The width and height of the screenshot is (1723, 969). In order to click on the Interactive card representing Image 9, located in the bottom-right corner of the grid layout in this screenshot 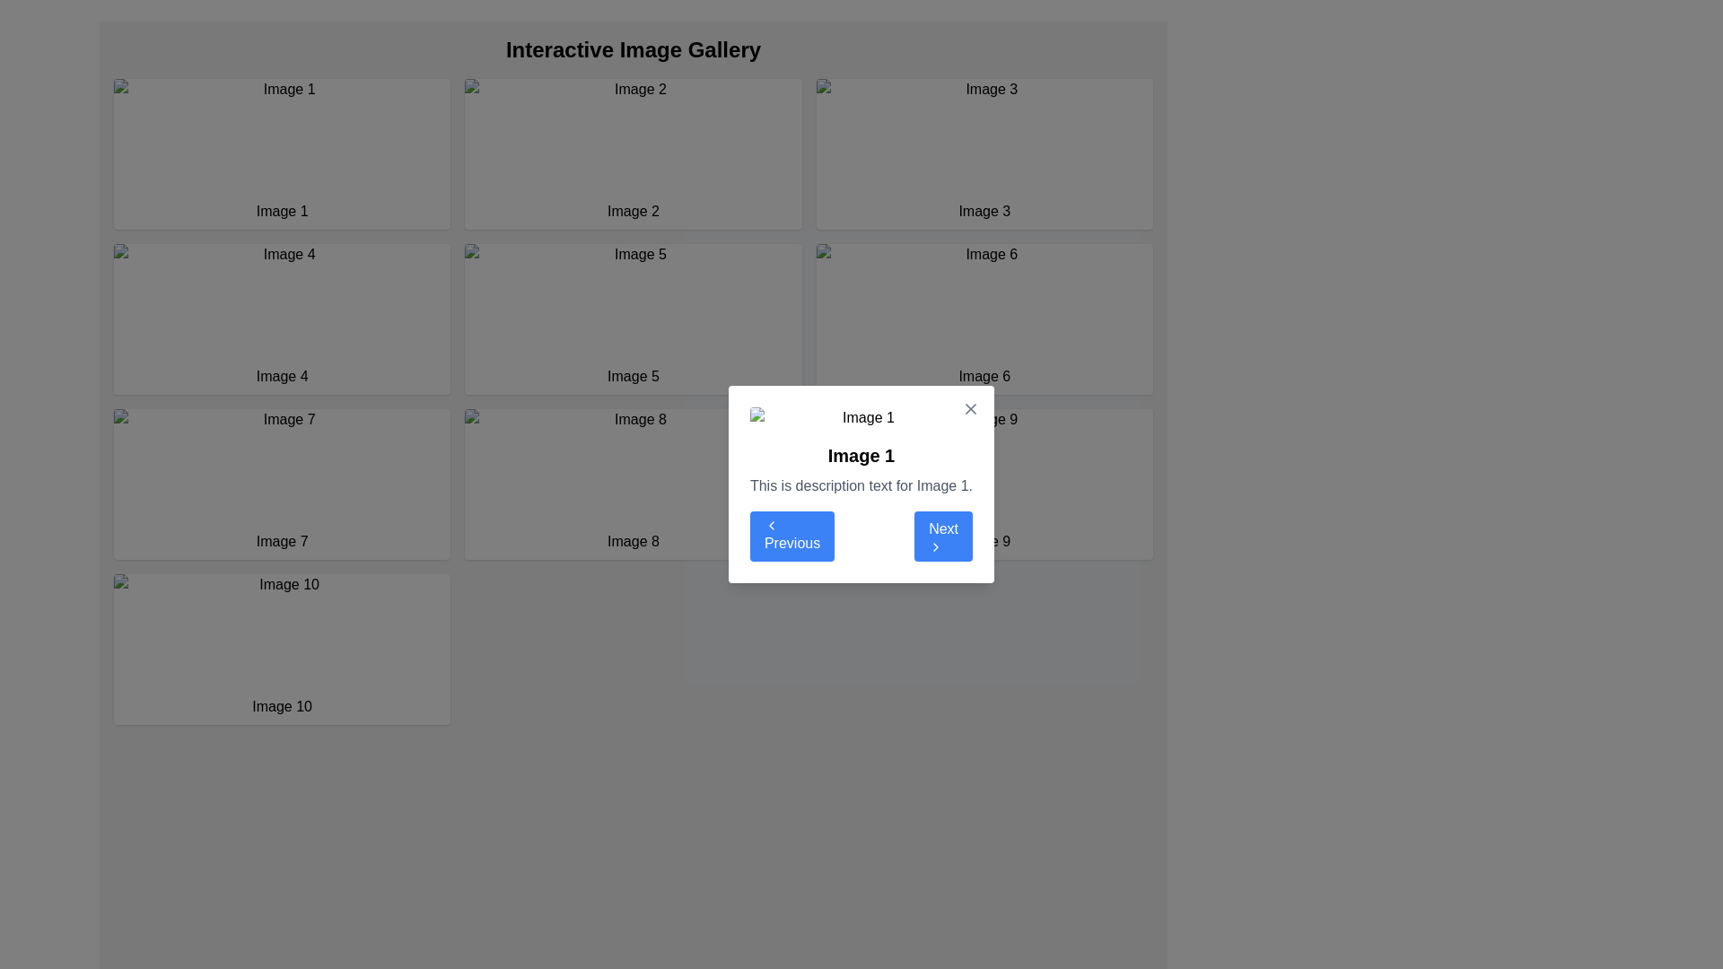, I will do `click(984, 484)`.